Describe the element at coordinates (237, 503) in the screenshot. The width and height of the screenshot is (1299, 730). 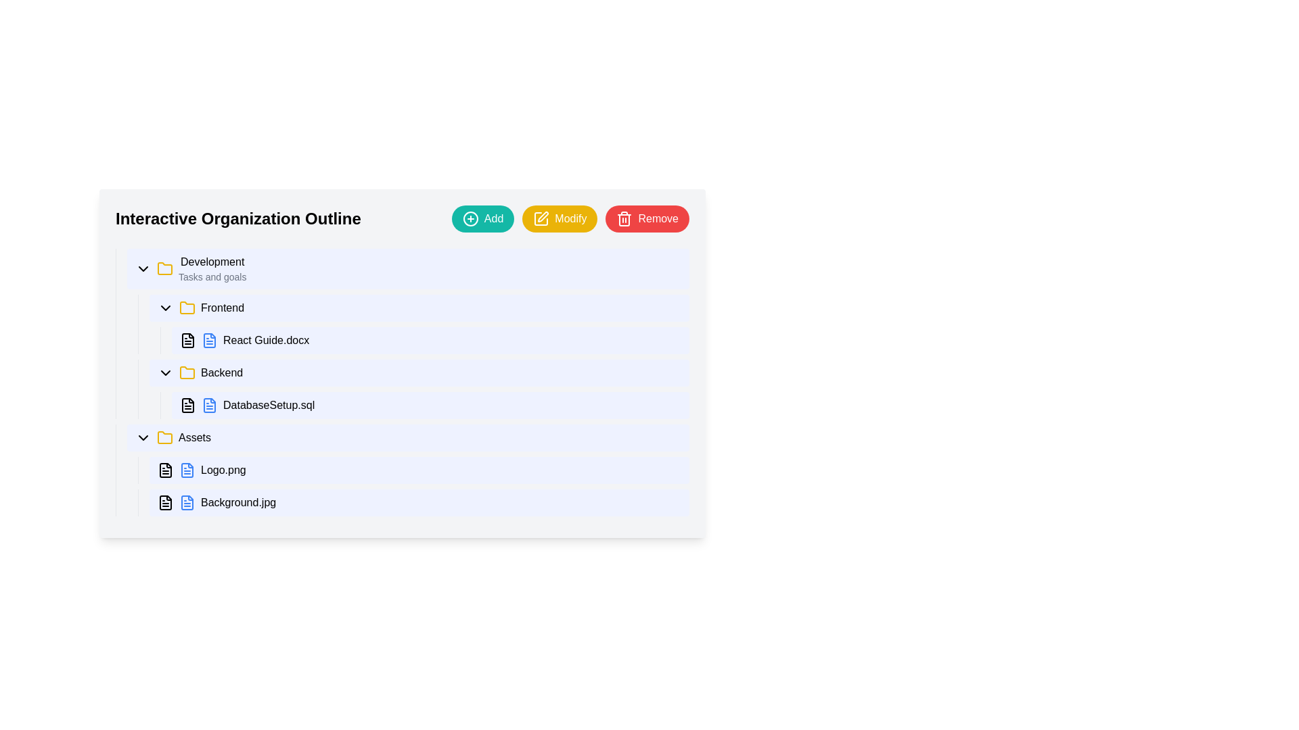
I see `the text label representing the name of a file in the hierarchical file directory view, located below the 'Logo.png' sibling` at that location.